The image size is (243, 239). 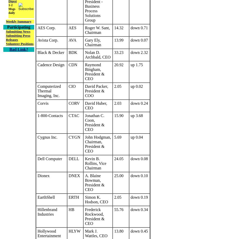 I want to click on '20.92', so click(x=119, y=65).